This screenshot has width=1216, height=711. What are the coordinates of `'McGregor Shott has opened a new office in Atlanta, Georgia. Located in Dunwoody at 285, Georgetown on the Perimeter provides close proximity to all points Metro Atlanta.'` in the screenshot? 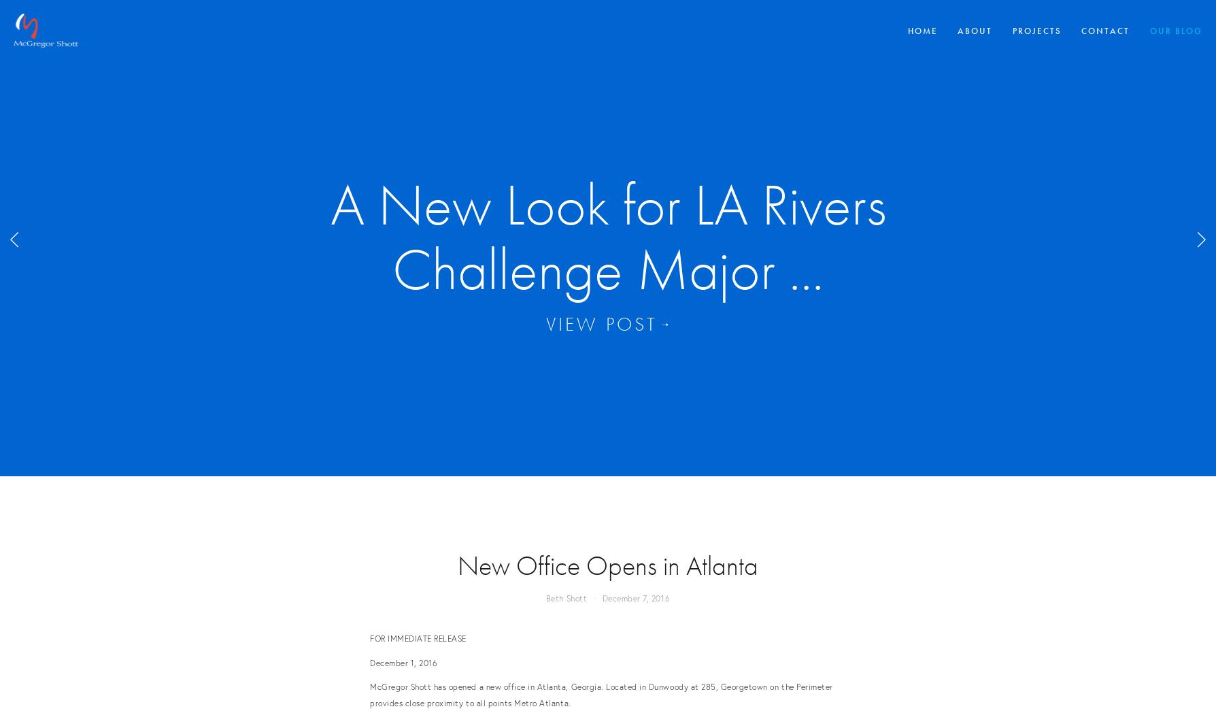 It's located at (600, 694).